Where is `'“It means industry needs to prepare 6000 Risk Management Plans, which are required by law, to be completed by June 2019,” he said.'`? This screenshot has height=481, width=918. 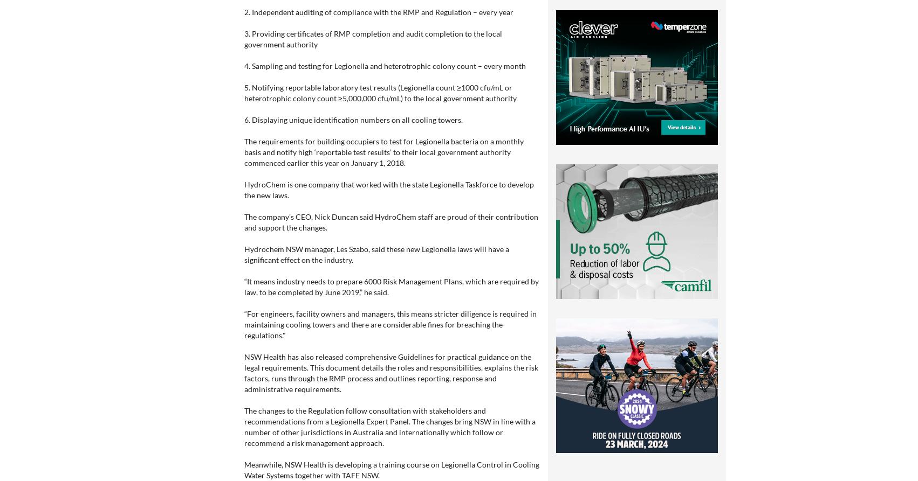
'“It means industry needs to prepare 6000 Risk Management Plans, which are required by law, to be completed by June 2019,” he said.' is located at coordinates (391, 286).